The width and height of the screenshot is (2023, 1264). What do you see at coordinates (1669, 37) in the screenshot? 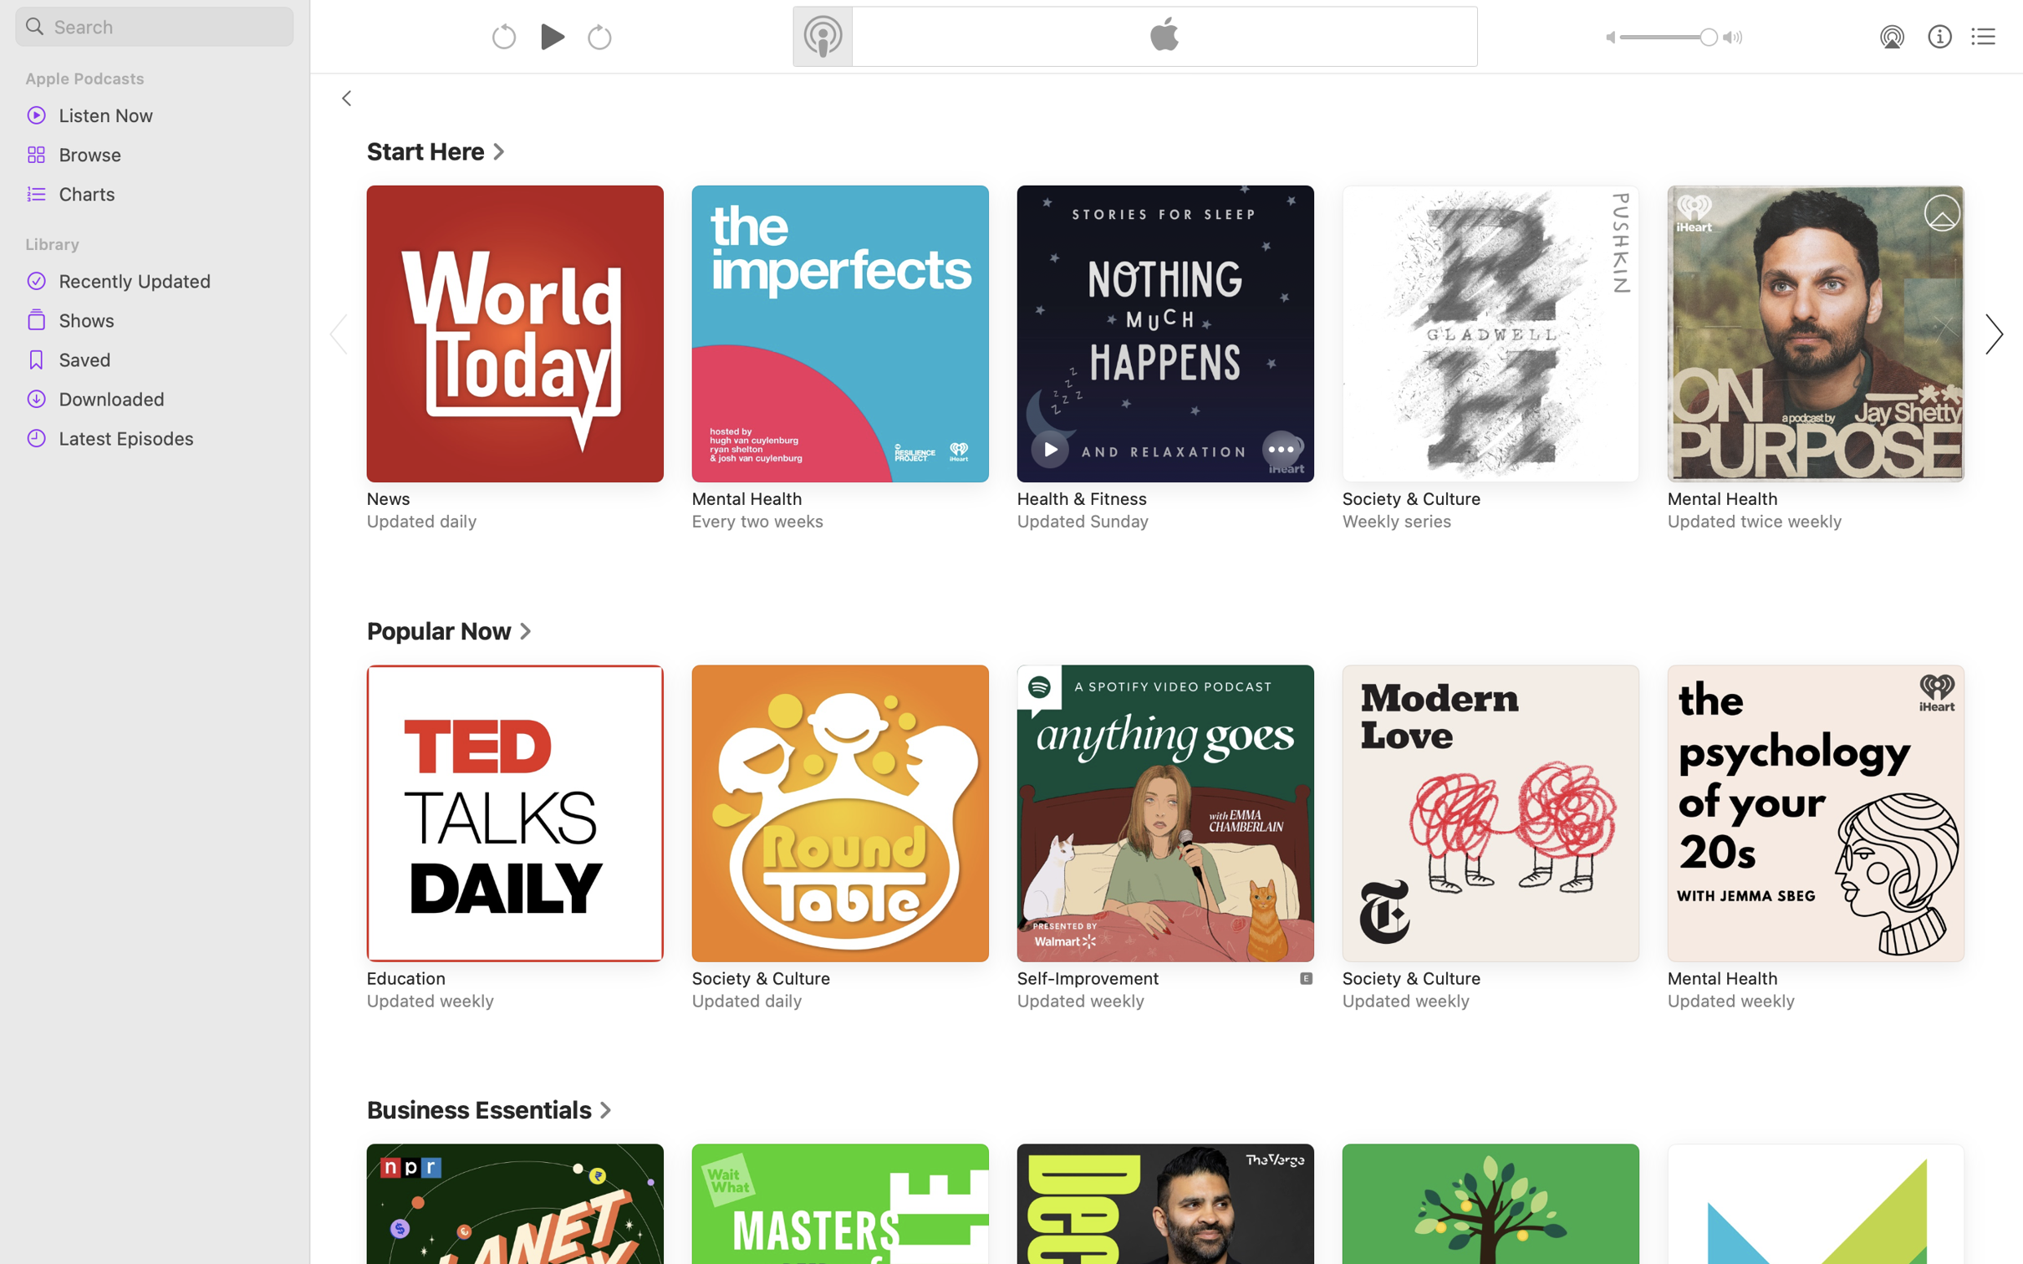
I see `'1.0'` at bounding box center [1669, 37].